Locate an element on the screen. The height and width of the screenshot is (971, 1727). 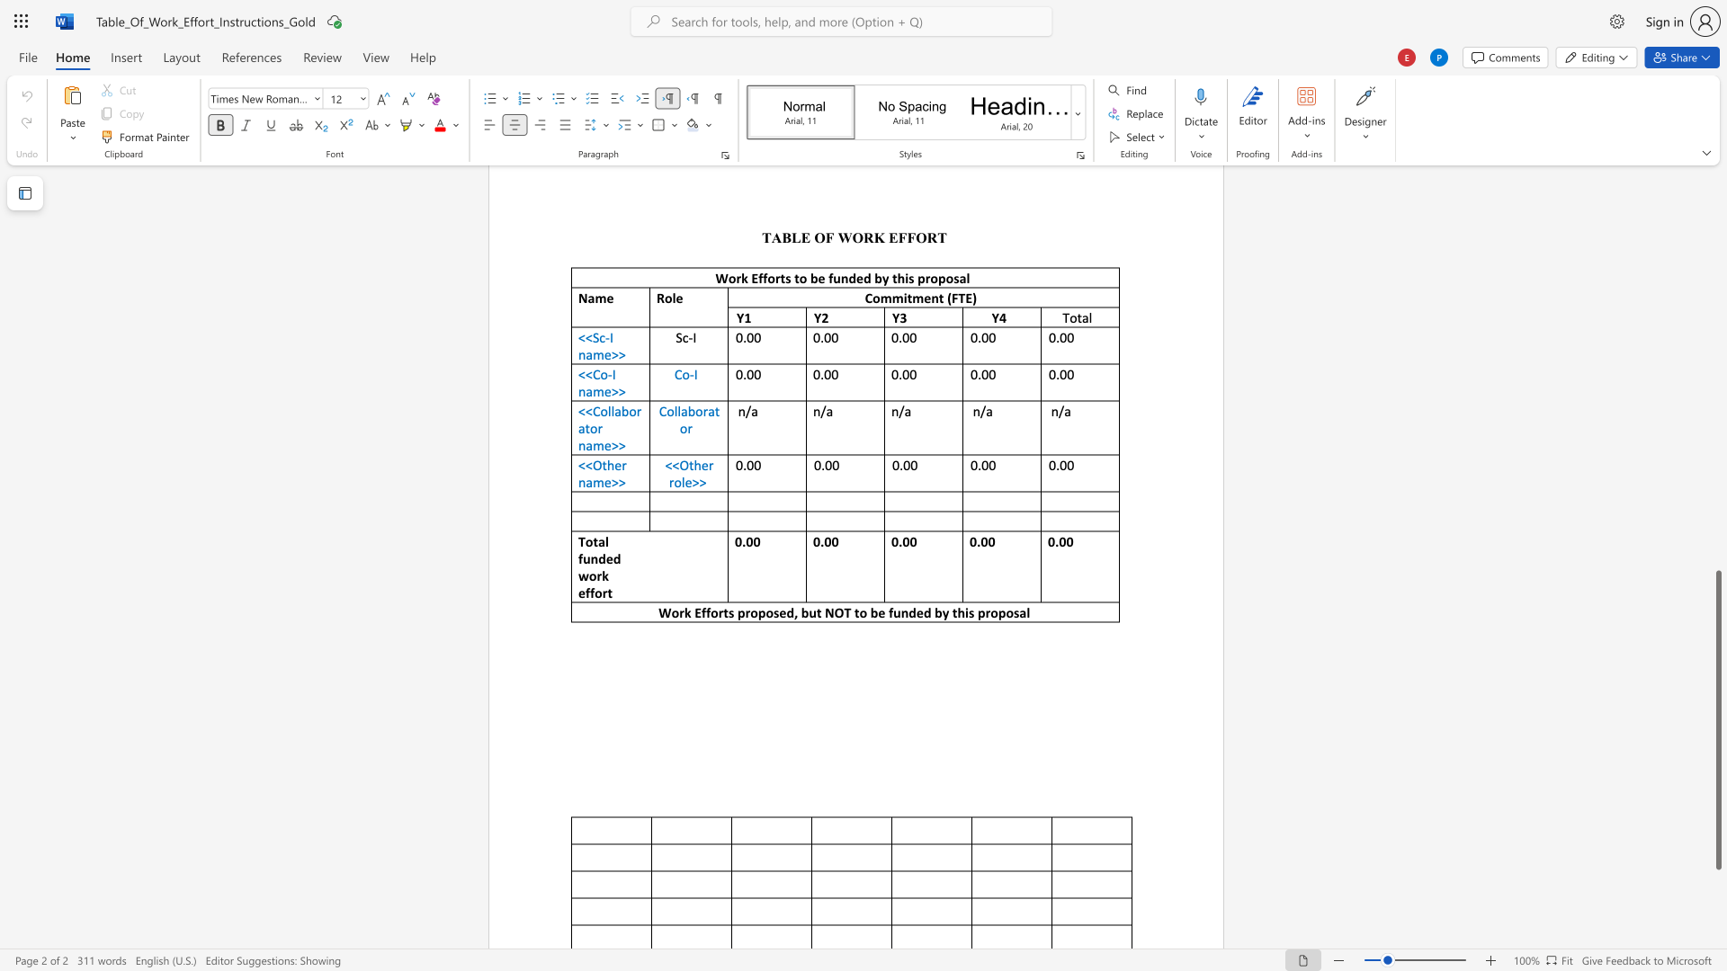
the scrollbar on the right to move the page upward is located at coordinates (1717, 503).